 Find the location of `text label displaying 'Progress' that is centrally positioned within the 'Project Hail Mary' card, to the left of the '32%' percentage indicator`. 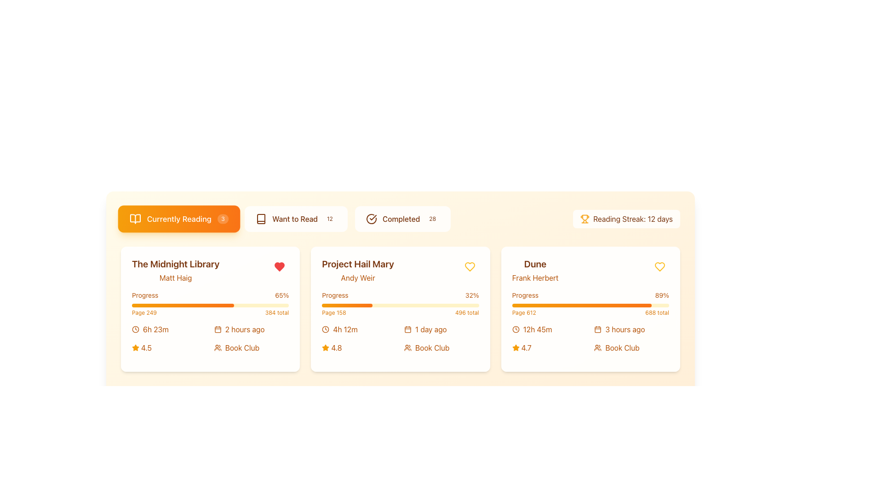

text label displaying 'Progress' that is centrally positioned within the 'Project Hail Mary' card, to the left of the '32%' percentage indicator is located at coordinates (335, 295).